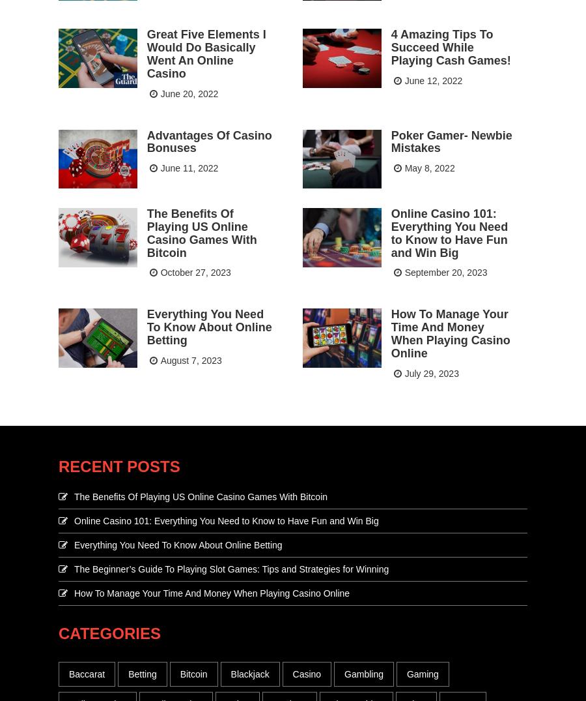 The image size is (586, 701). Describe the element at coordinates (231, 567) in the screenshot. I see `'The Beginner’s Guide To Playing Slot Games: Tips and Strategies for Winning'` at that location.